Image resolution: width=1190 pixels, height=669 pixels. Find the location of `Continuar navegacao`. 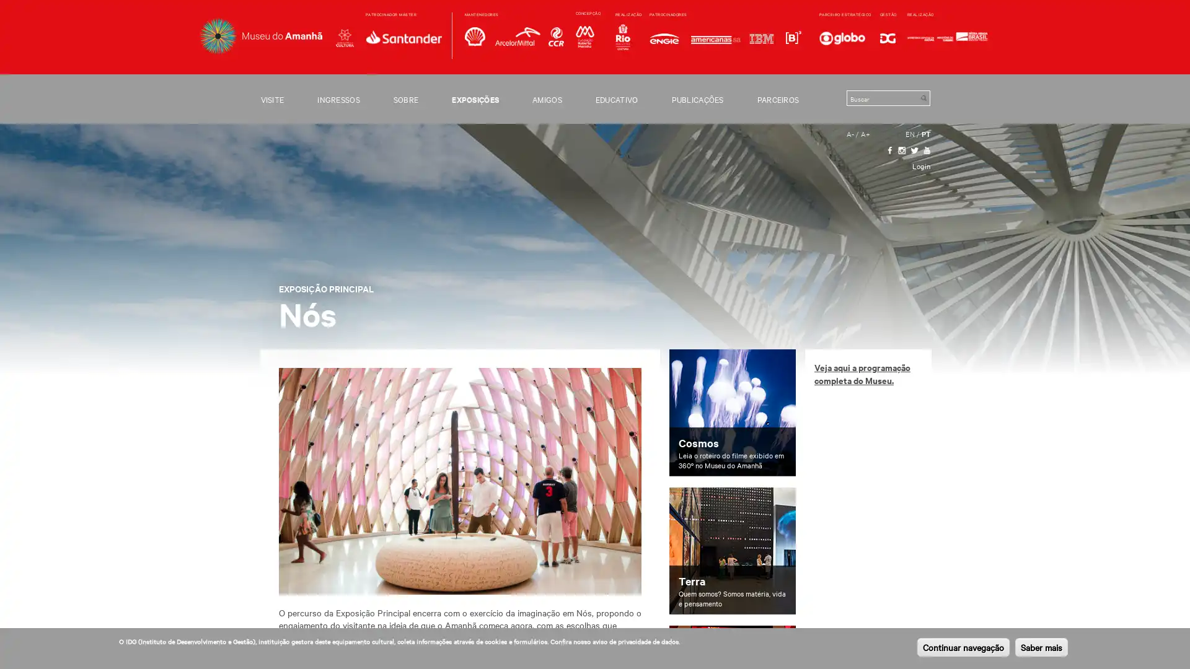

Continuar navegacao is located at coordinates (963, 647).